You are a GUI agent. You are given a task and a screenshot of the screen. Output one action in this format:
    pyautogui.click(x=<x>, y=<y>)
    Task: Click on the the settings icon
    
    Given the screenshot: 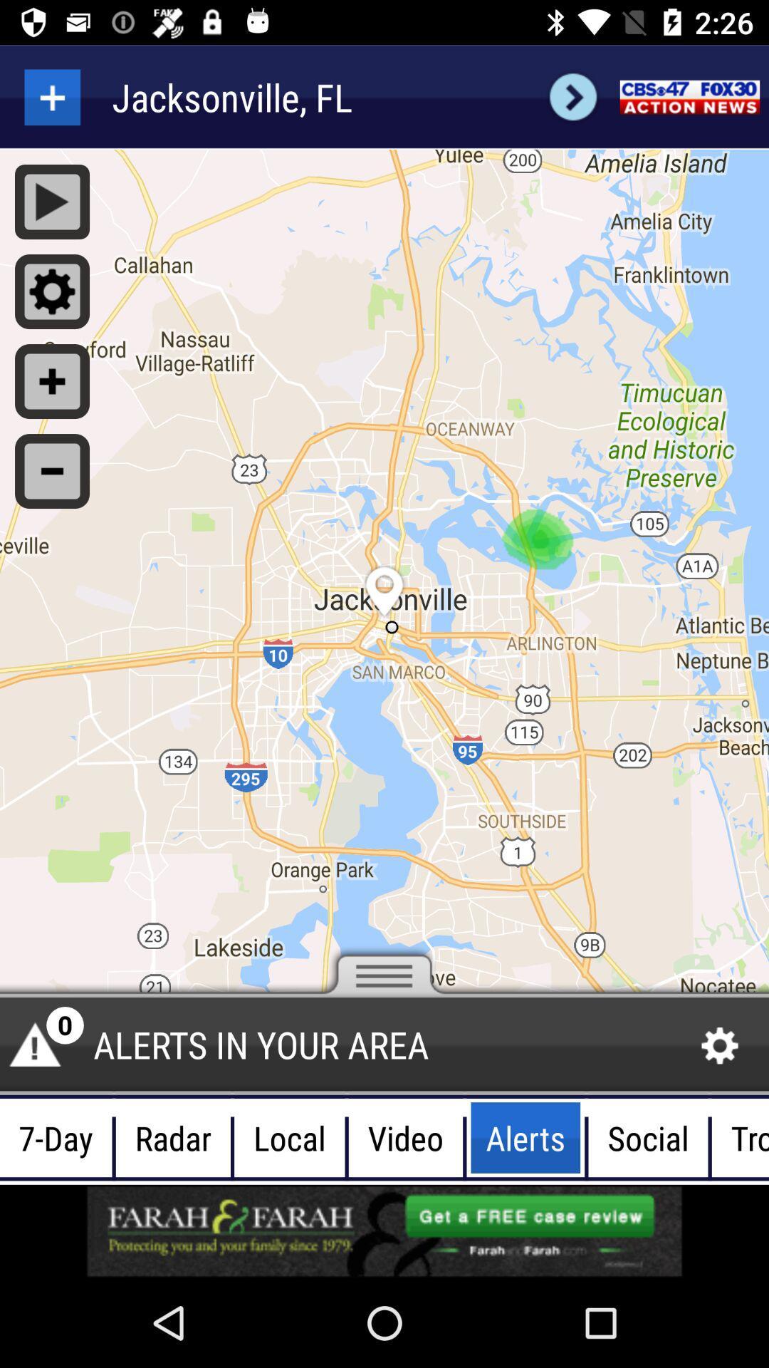 What is the action you would take?
    pyautogui.click(x=720, y=1046)
    